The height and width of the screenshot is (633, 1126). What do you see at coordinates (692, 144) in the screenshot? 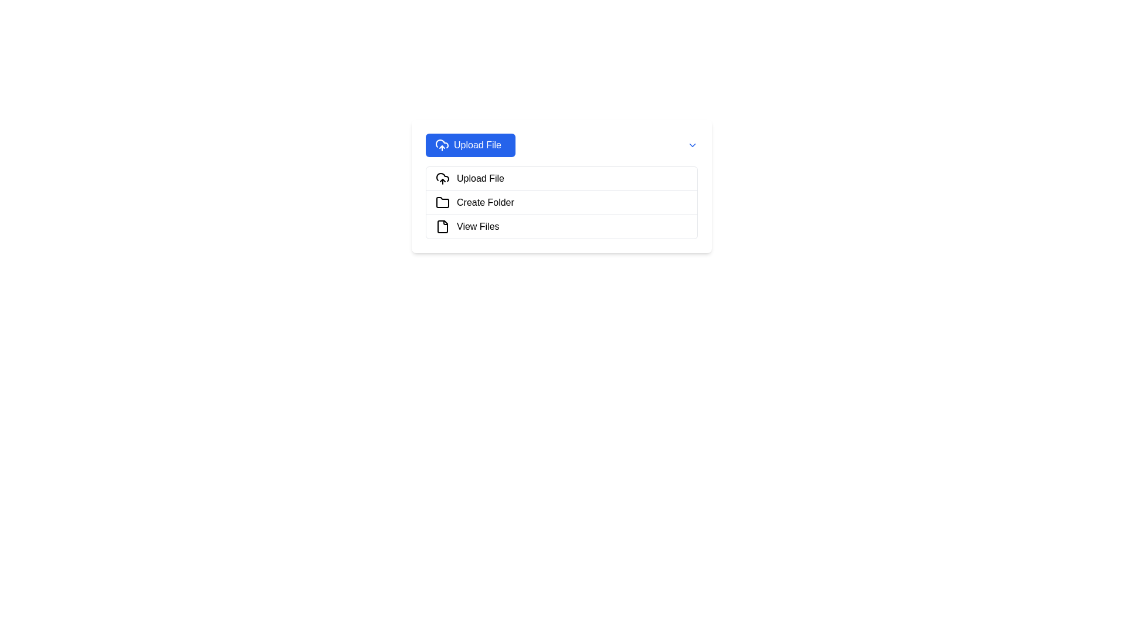
I see `the blue downward-facing arrow icon located to the far right of the 'Upload File' text` at bounding box center [692, 144].